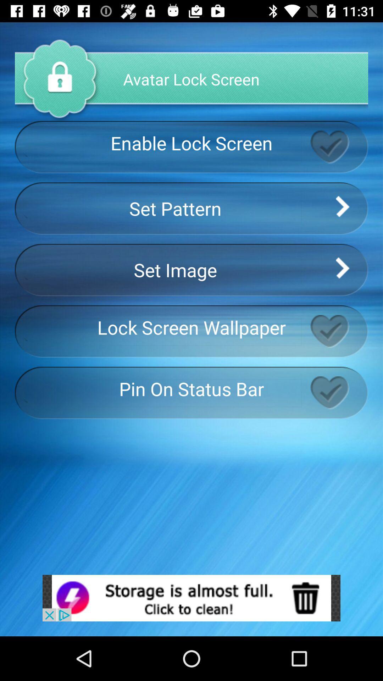  Describe the element at coordinates (339, 146) in the screenshot. I see `screen lock` at that location.